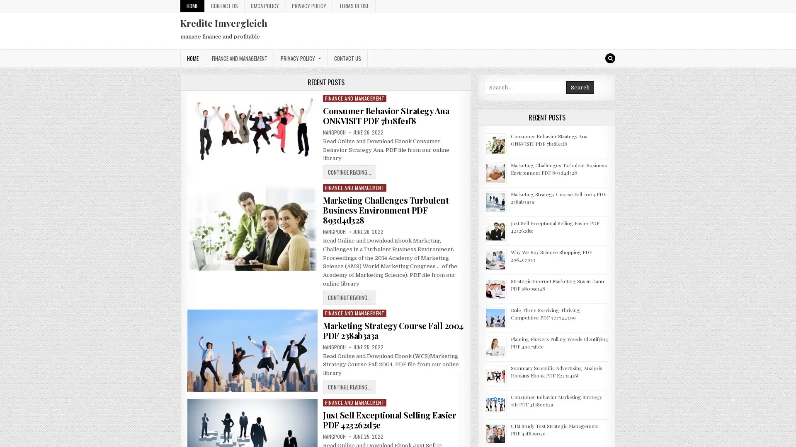 This screenshot has width=796, height=447. I want to click on Search, so click(580, 87).